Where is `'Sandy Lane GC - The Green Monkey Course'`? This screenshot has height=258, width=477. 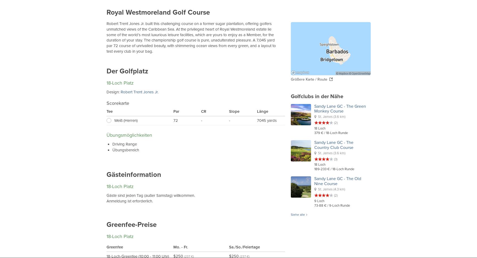
'Sandy Lane GC - The Green Monkey Course' is located at coordinates (340, 108).